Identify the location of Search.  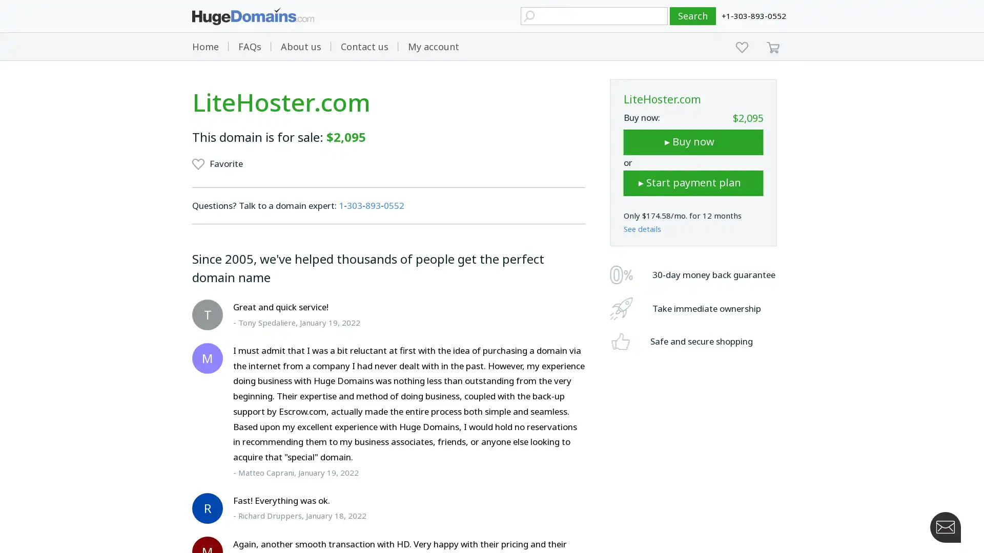
(693, 16).